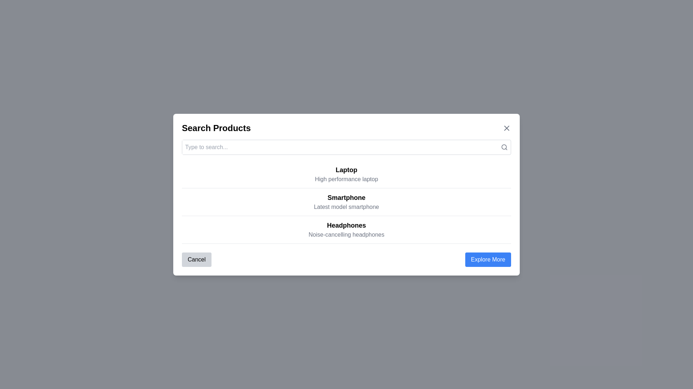 The image size is (693, 389). Describe the element at coordinates (504, 146) in the screenshot. I see `the circular gray icon of the magnifying glass located in the top-right corner of the search interface within the header of the modal dialog` at that location.